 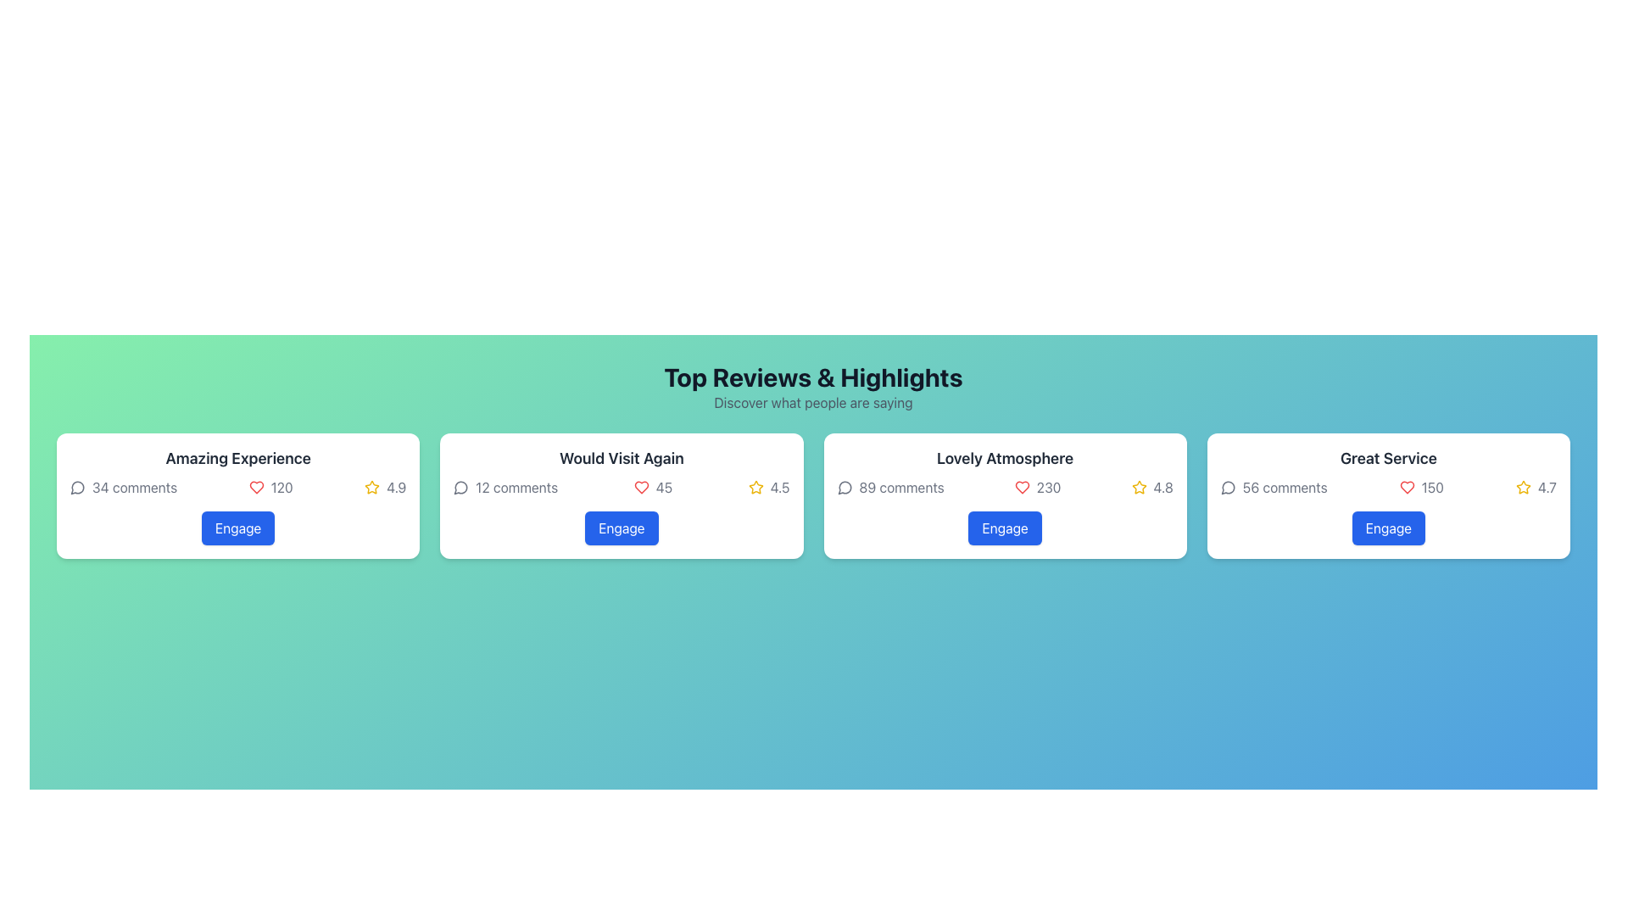 What do you see at coordinates (505, 487) in the screenshot?
I see `the text element displaying '12 comments' styled in gray, located below the title 'Would Visit Again' on the central card interface` at bounding box center [505, 487].